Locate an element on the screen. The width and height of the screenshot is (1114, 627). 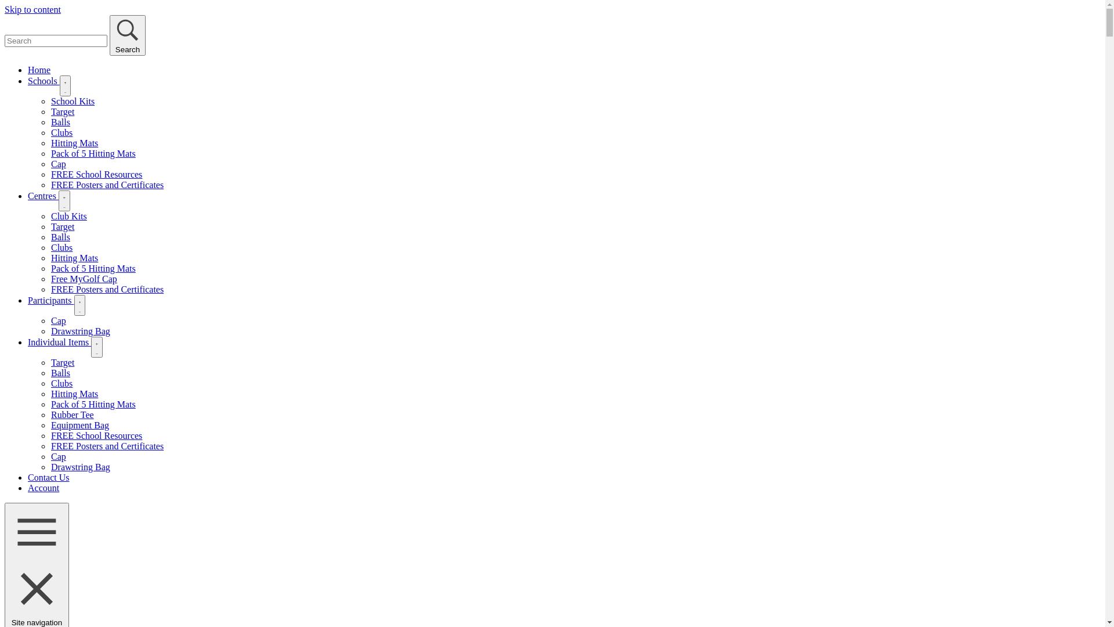
'Search' is located at coordinates (128, 35).